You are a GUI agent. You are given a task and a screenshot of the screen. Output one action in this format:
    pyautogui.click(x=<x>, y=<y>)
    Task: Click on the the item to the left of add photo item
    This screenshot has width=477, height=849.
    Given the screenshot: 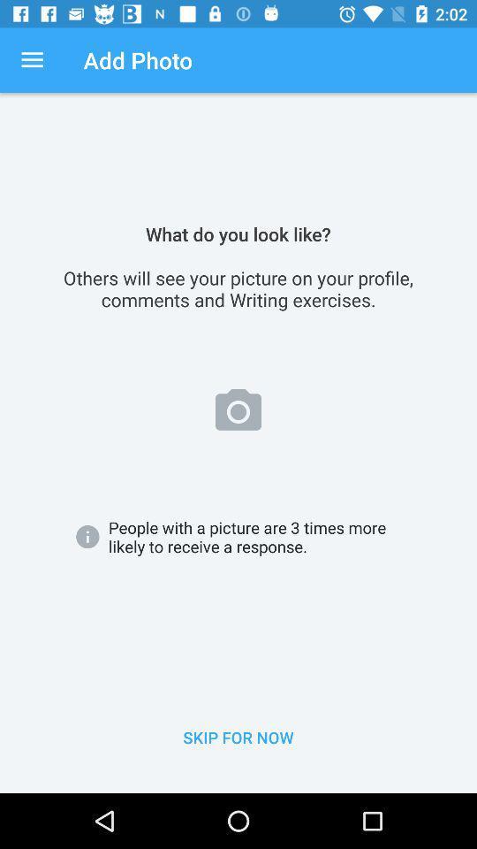 What is the action you would take?
    pyautogui.click(x=32, y=60)
    